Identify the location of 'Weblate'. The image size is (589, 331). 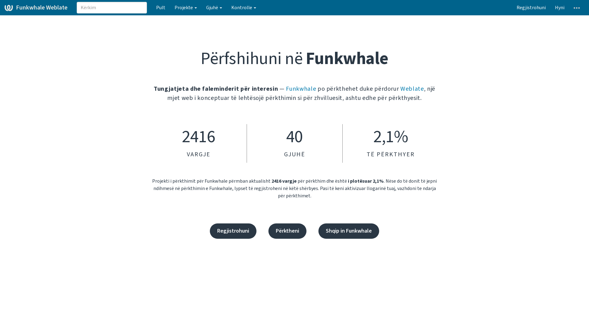
(412, 89).